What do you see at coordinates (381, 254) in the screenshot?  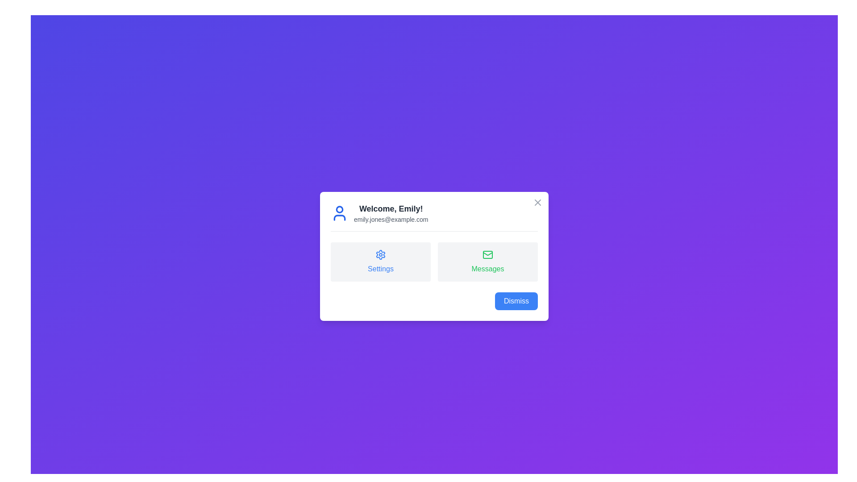 I see `the blue gear-like icon, which is located within the 'Settings' button of a modal dialog box` at bounding box center [381, 254].